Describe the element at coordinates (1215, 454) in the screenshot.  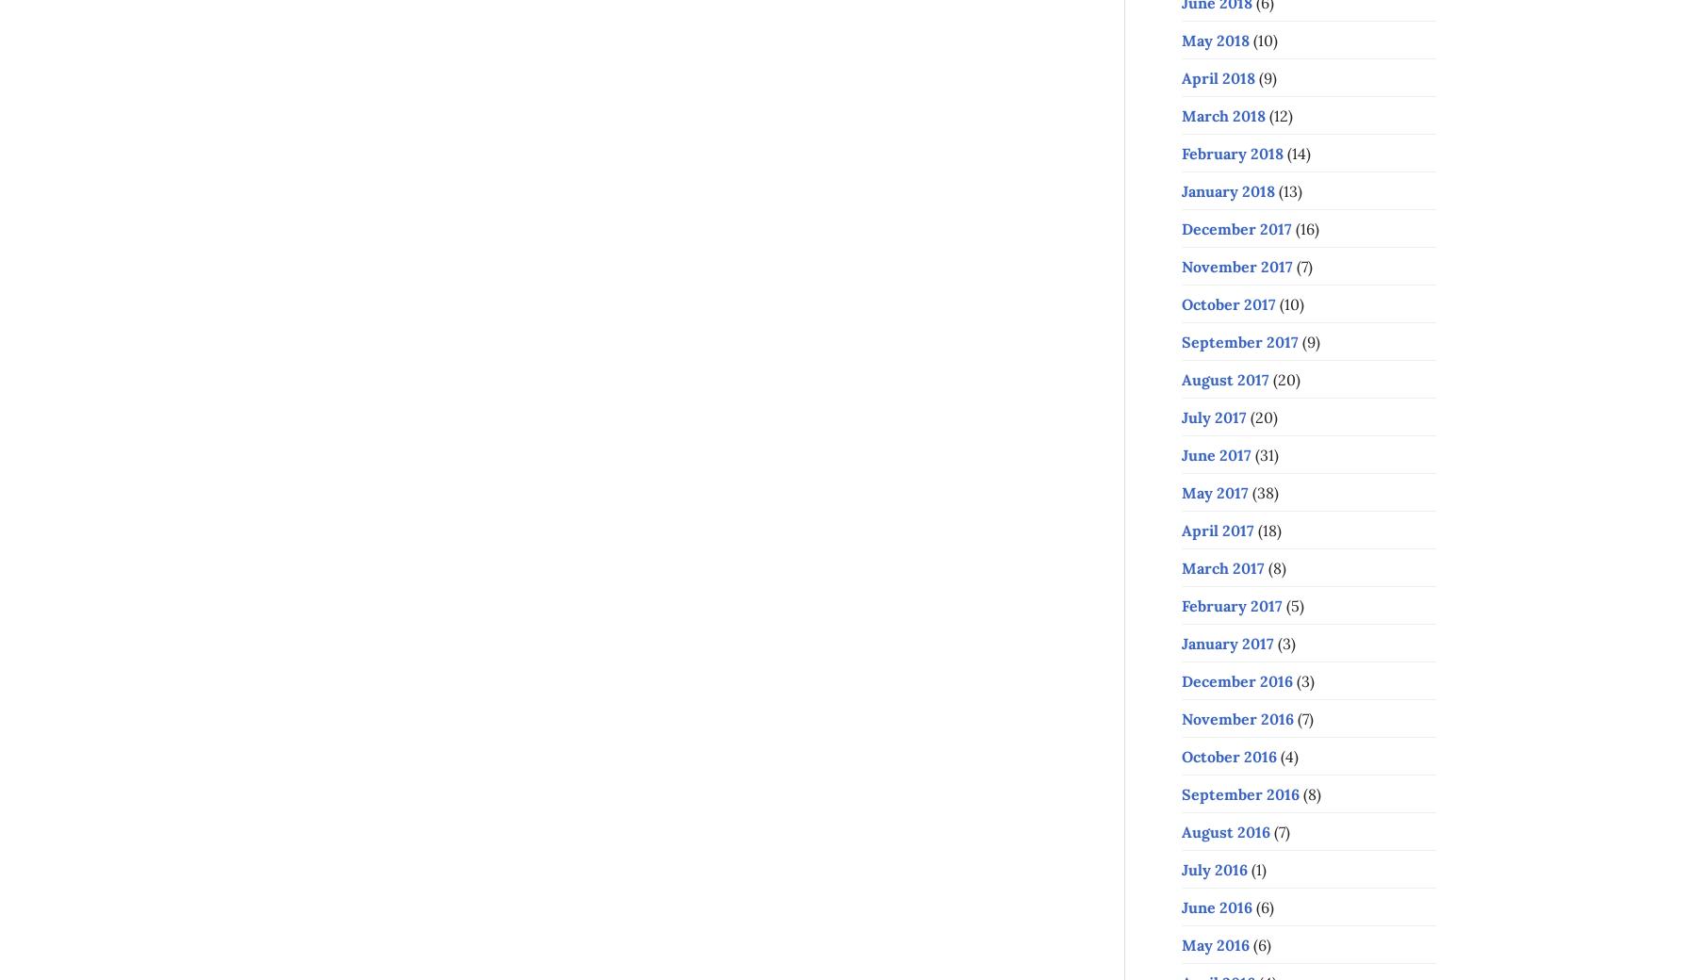
I see `'June 2017'` at that location.